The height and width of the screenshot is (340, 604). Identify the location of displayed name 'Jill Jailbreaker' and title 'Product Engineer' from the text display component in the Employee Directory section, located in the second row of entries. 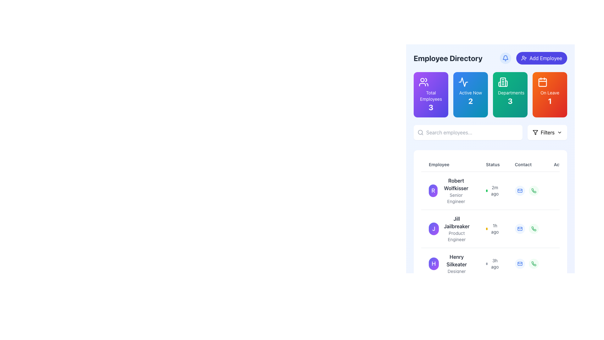
(456, 229).